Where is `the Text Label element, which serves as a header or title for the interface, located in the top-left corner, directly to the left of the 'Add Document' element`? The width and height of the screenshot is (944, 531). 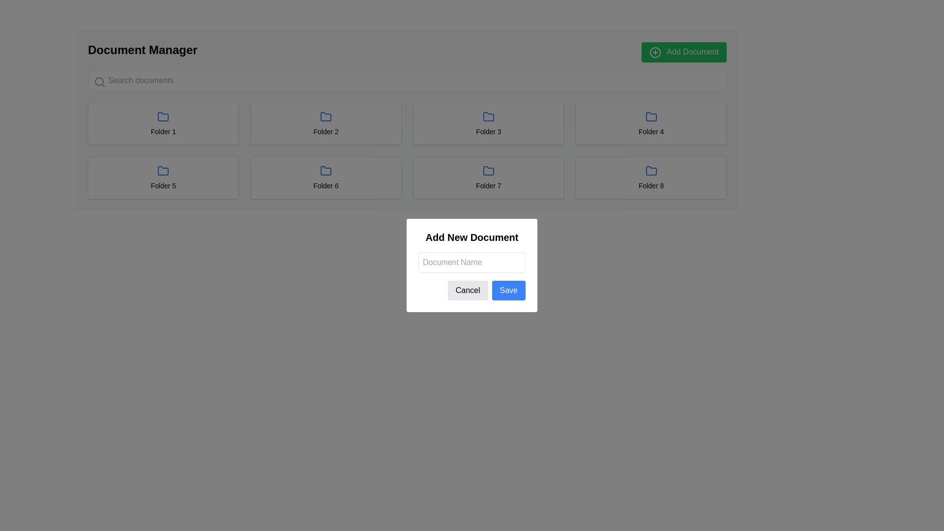 the Text Label element, which serves as a header or title for the interface, located in the top-left corner, directly to the left of the 'Add Document' element is located at coordinates (142, 52).